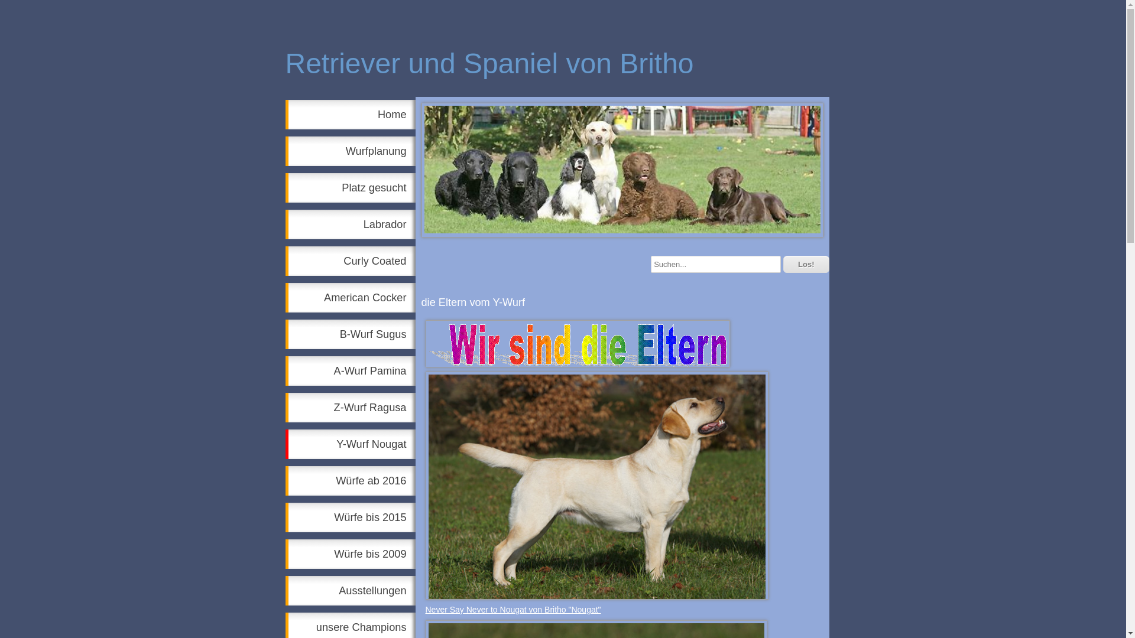 Image resolution: width=1135 pixels, height=638 pixels. I want to click on 'A-Wurf Pamina', so click(349, 370).